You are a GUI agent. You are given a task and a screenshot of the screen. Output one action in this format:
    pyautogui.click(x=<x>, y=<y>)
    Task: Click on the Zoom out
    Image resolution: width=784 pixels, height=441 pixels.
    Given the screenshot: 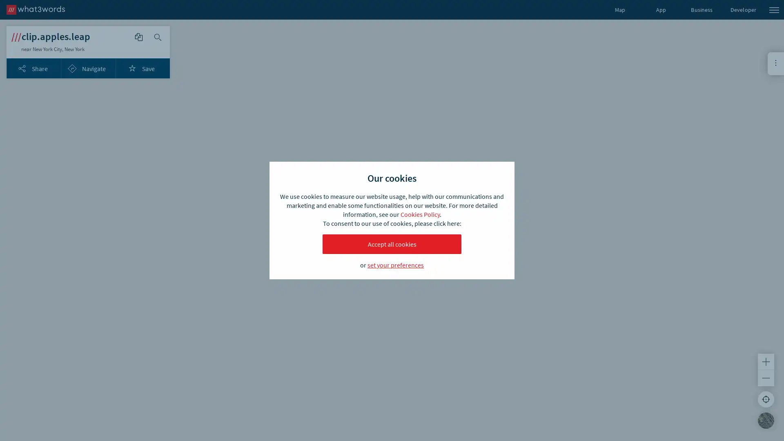 What is the action you would take?
    pyautogui.click(x=766, y=378)
    